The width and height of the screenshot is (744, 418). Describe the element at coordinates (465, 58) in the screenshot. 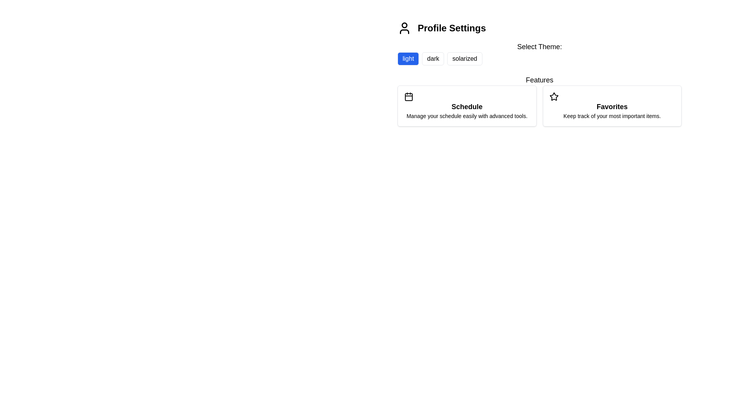

I see `the 'solarized' button, which is a rectangular button with a bold label and a thin rounded border, located in the row under the 'Select Theme' label` at that location.